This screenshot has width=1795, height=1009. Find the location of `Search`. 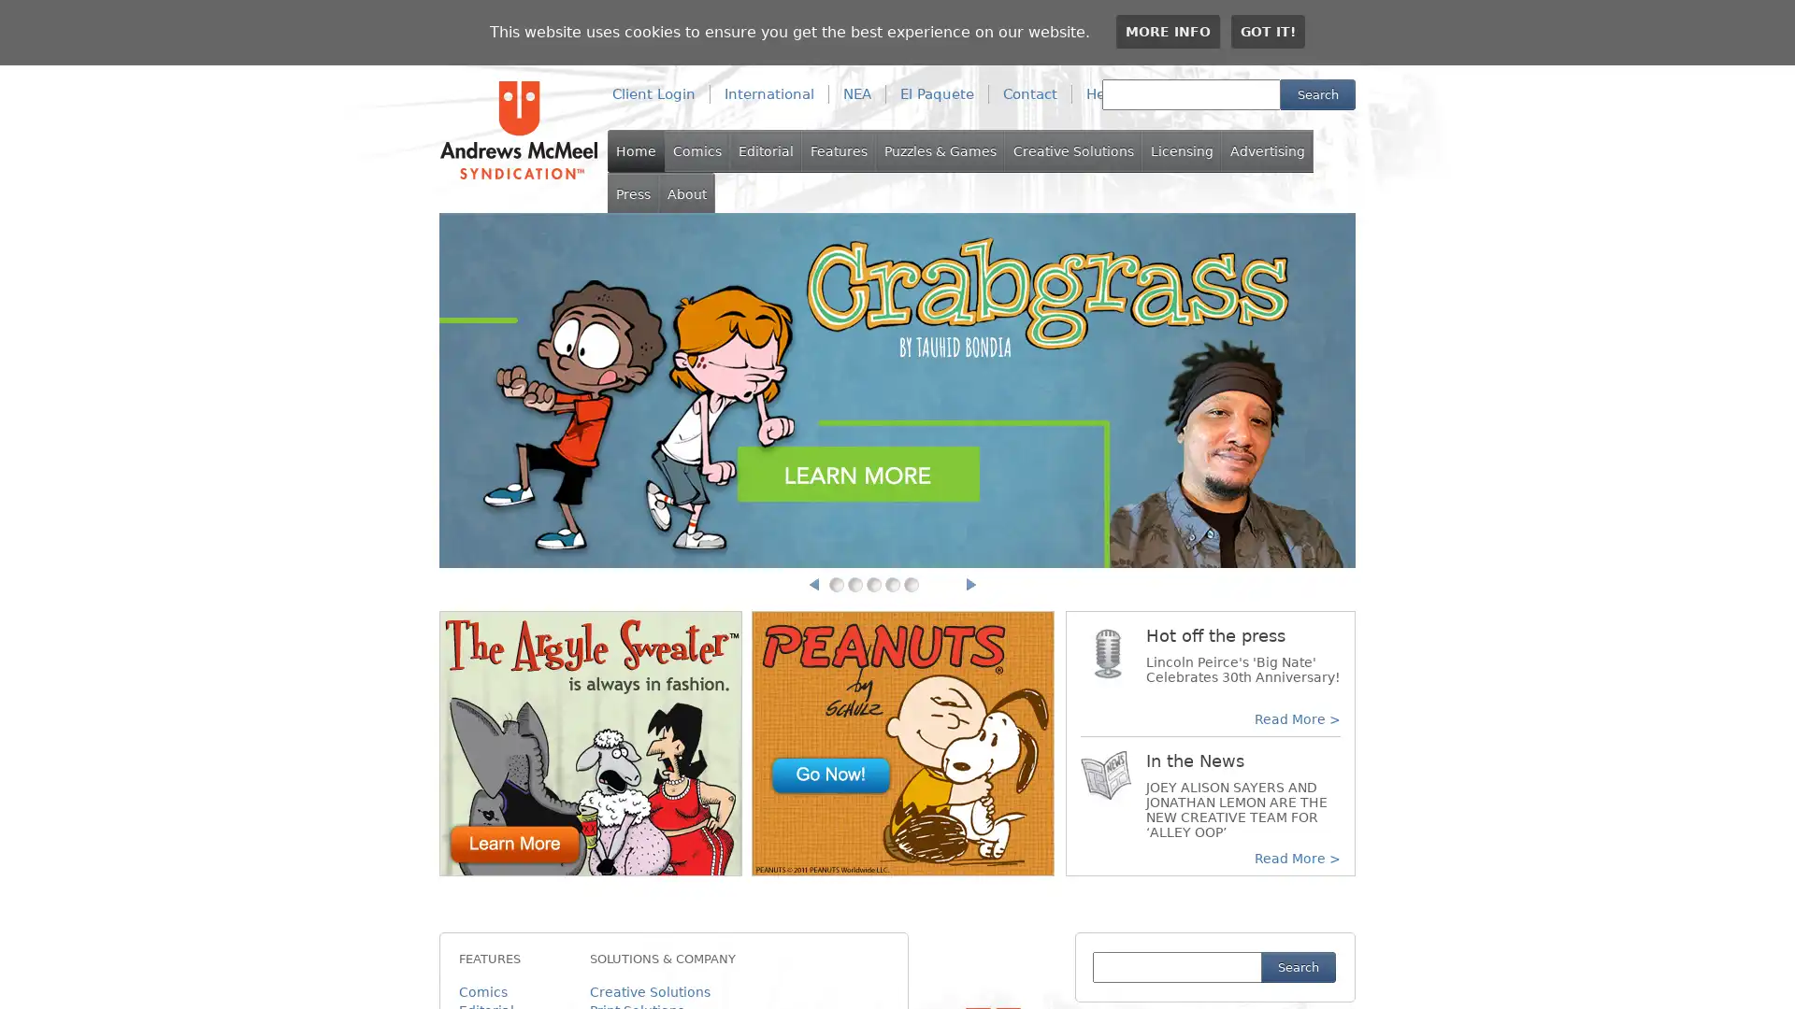

Search is located at coordinates (1317, 94).